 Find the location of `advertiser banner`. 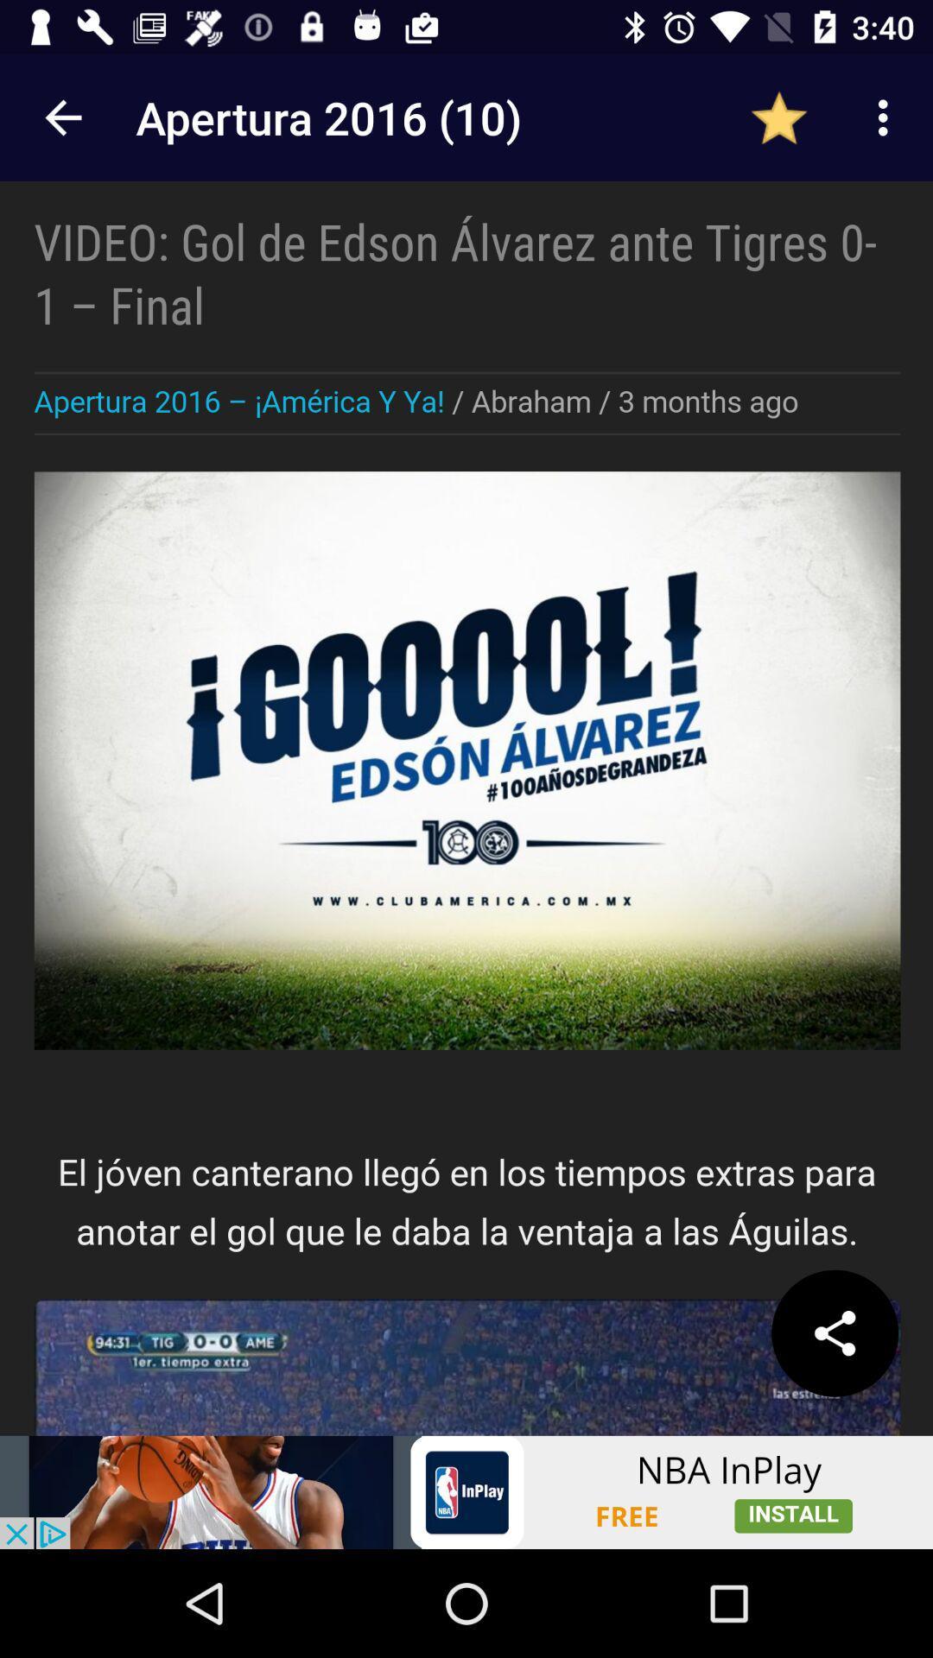

advertiser banner is located at coordinates (466, 1491).